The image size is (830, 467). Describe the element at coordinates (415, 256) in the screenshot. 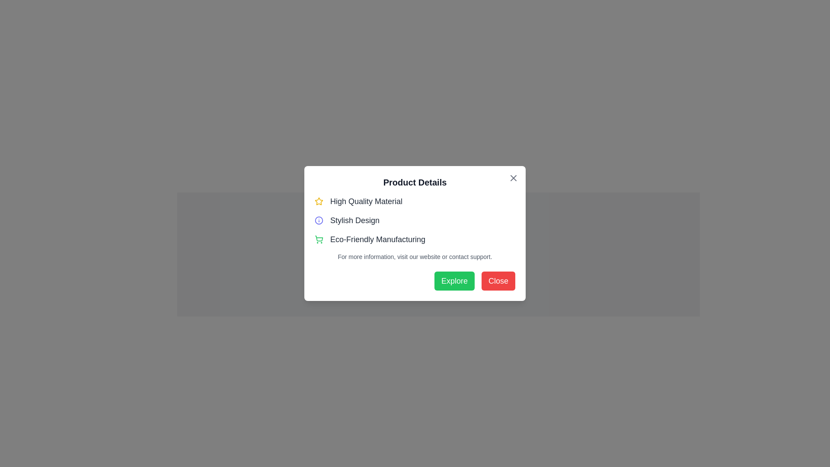

I see `the static text element that provides supplementary information in the 'Product Details' dialog box, located below the product features and above the 'Explore' and 'Close' buttons` at that location.